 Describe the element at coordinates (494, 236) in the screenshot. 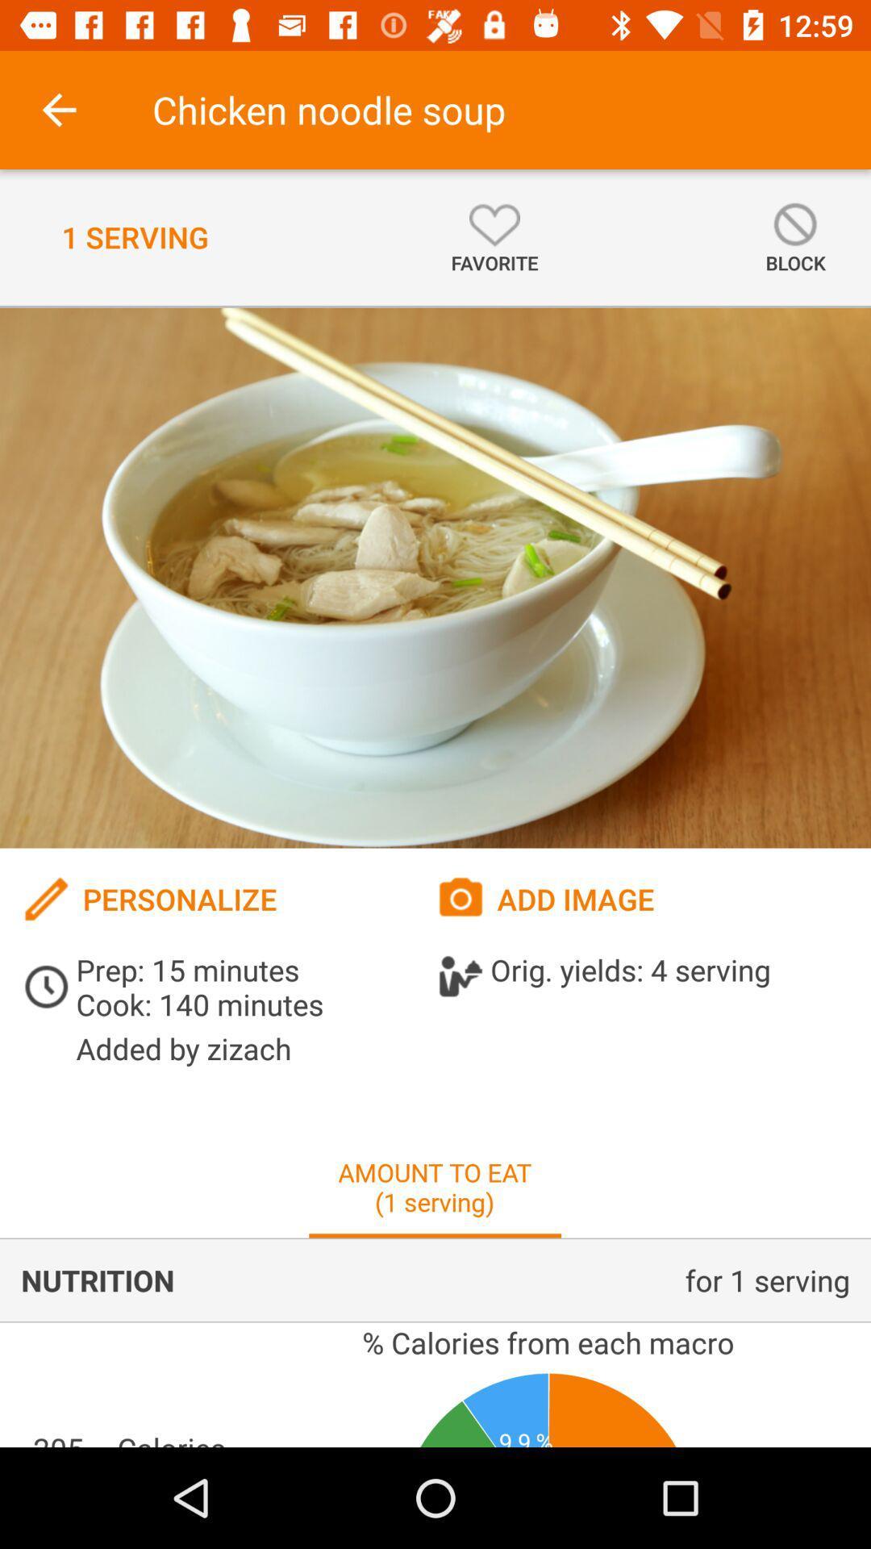

I see `the icon to the left of block icon` at that location.